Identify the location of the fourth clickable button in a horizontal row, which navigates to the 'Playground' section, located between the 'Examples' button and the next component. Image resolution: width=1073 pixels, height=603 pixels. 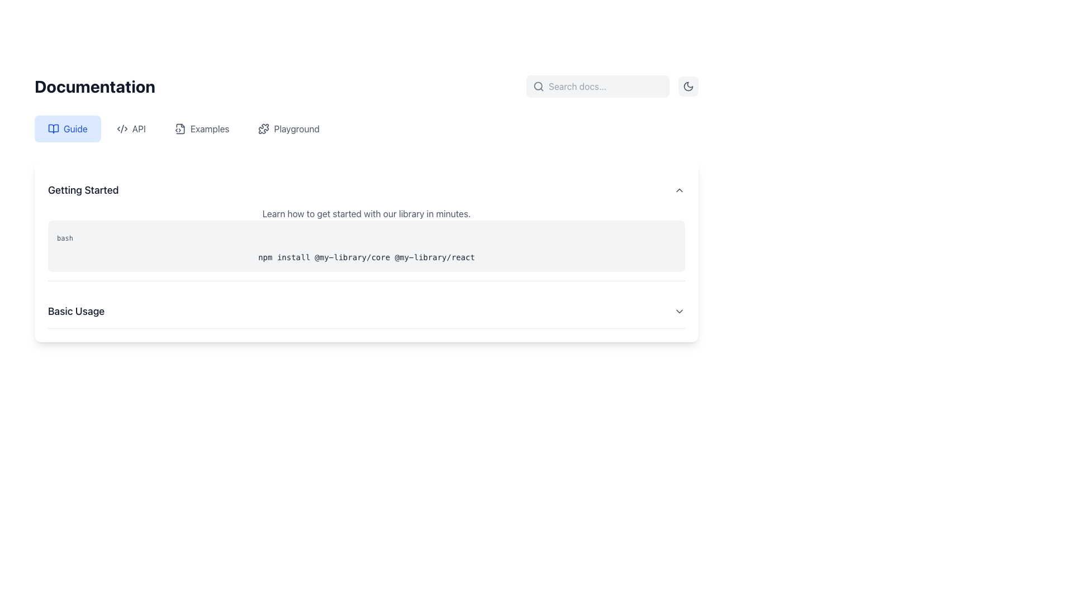
(289, 128).